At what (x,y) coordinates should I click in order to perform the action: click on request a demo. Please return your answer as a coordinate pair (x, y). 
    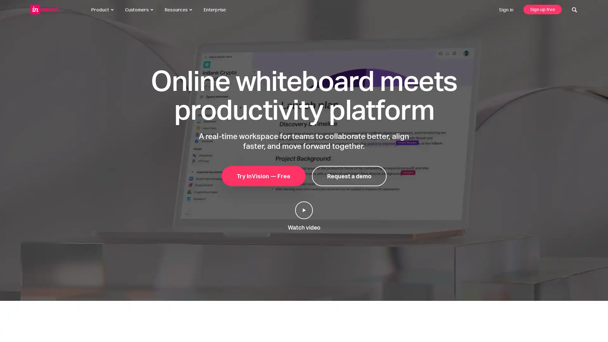
    Looking at the image, I should click on (349, 176).